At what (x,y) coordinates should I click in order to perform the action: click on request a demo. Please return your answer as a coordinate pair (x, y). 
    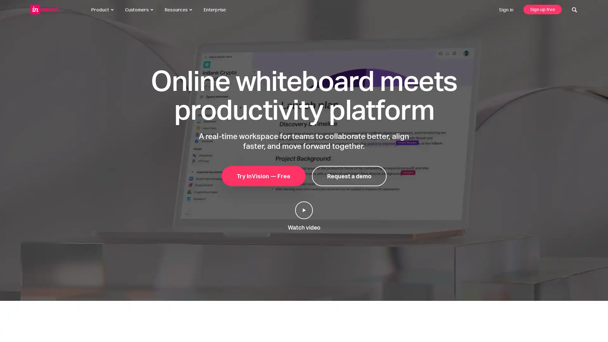
    Looking at the image, I should click on (349, 176).